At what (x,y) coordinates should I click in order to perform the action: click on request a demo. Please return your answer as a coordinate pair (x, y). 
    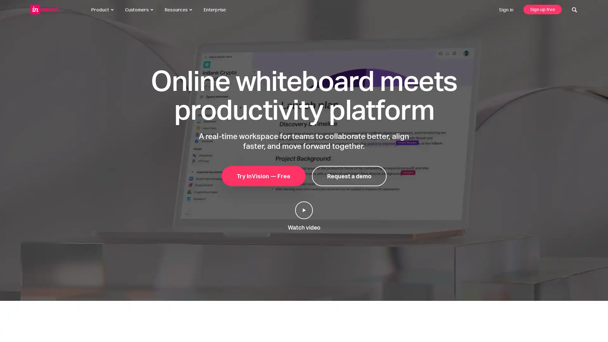
    Looking at the image, I should click on (349, 176).